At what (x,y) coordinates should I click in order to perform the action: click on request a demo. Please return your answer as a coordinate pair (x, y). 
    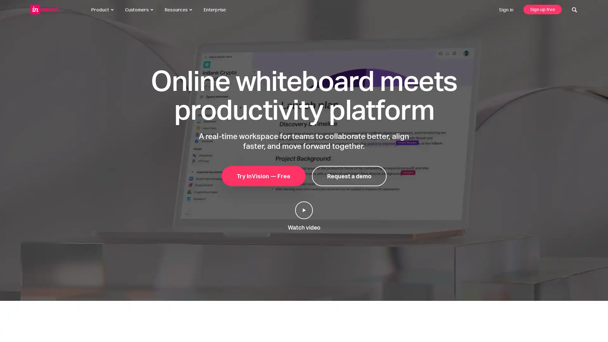
    Looking at the image, I should click on (349, 176).